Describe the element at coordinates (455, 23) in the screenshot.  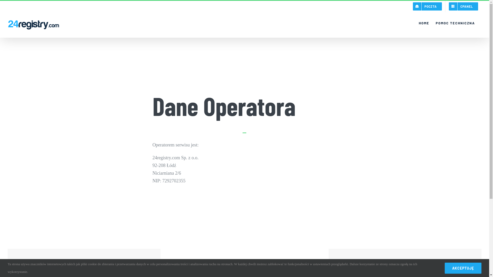
I see `'POMOC TECHNICZNA'` at that location.